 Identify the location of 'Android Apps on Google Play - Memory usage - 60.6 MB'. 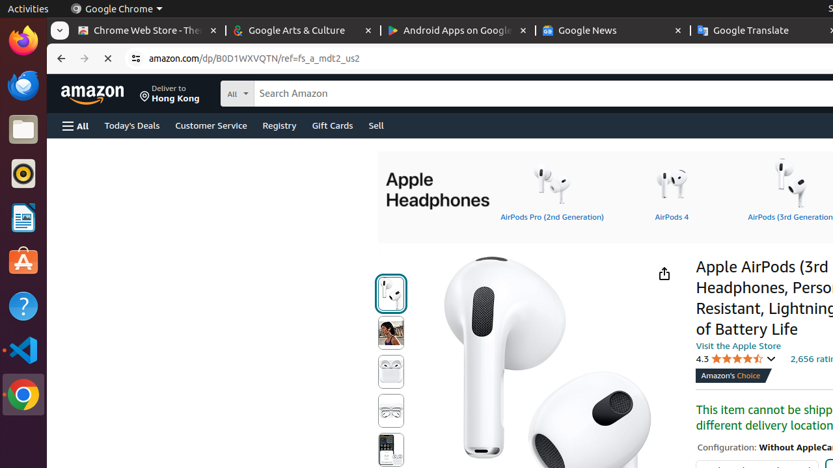
(458, 30).